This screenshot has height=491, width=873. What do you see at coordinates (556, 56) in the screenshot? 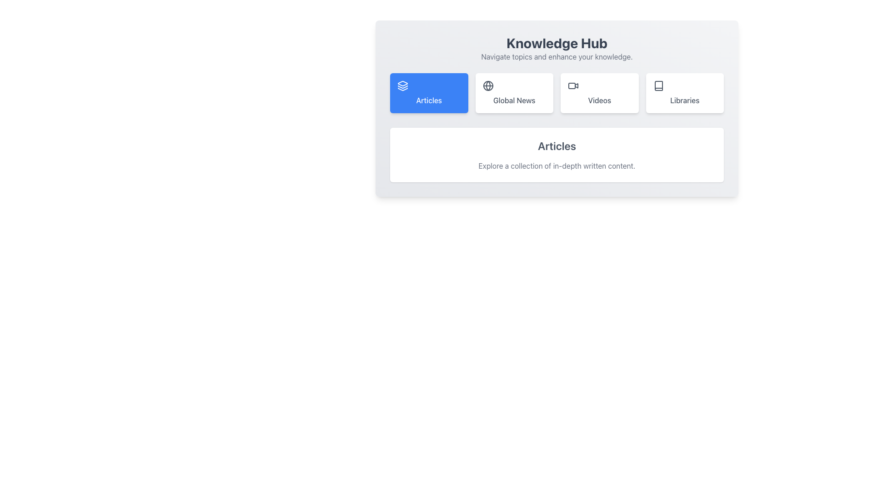
I see `the static text field that provides descriptive guidance for the 'Knowledge Hub' section, located centrally below the heading and above the category buttons` at bounding box center [556, 56].